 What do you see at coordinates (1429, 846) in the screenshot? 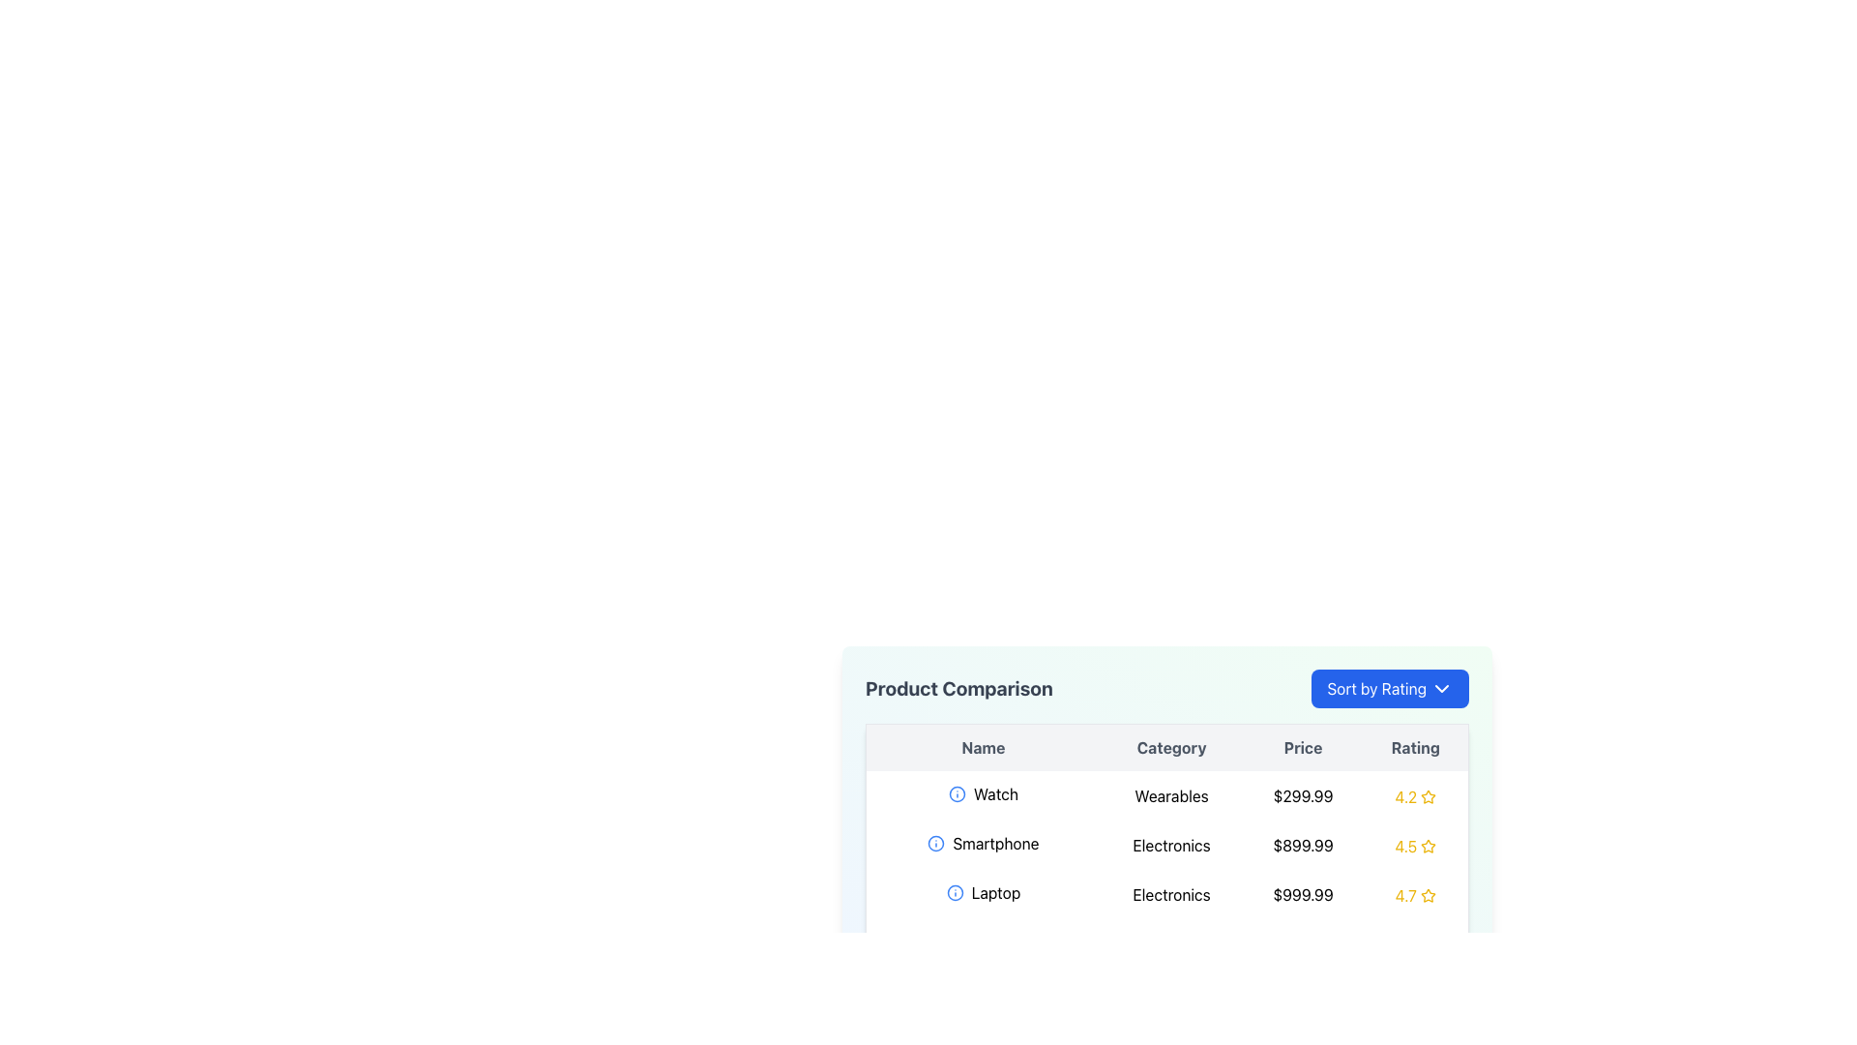
I see `the yellow star icon located next to the '4.5' rating in the 'Rating' column of the second row in the product comparison table for interaction` at bounding box center [1429, 846].